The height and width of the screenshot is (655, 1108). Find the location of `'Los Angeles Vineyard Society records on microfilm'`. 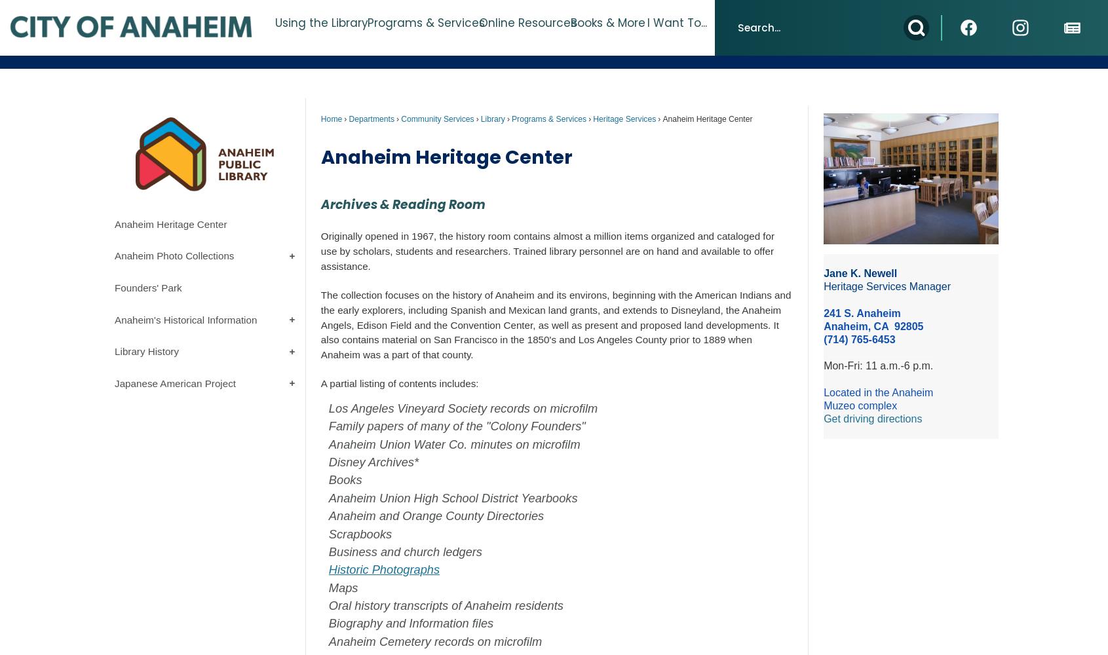

'Los Angeles Vineyard Society records on microfilm' is located at coordinates (465, 407).